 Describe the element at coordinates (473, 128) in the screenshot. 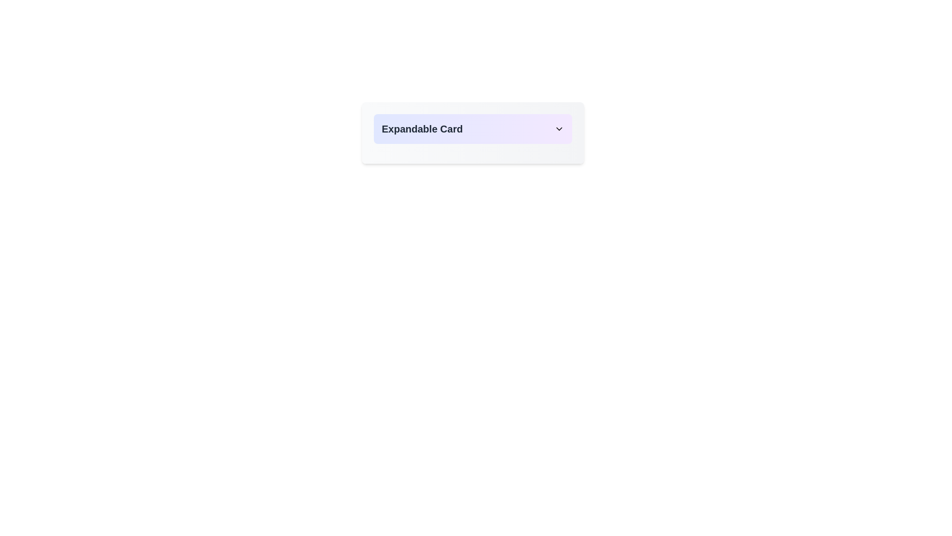

I see `the card header to expand the card` at that location.